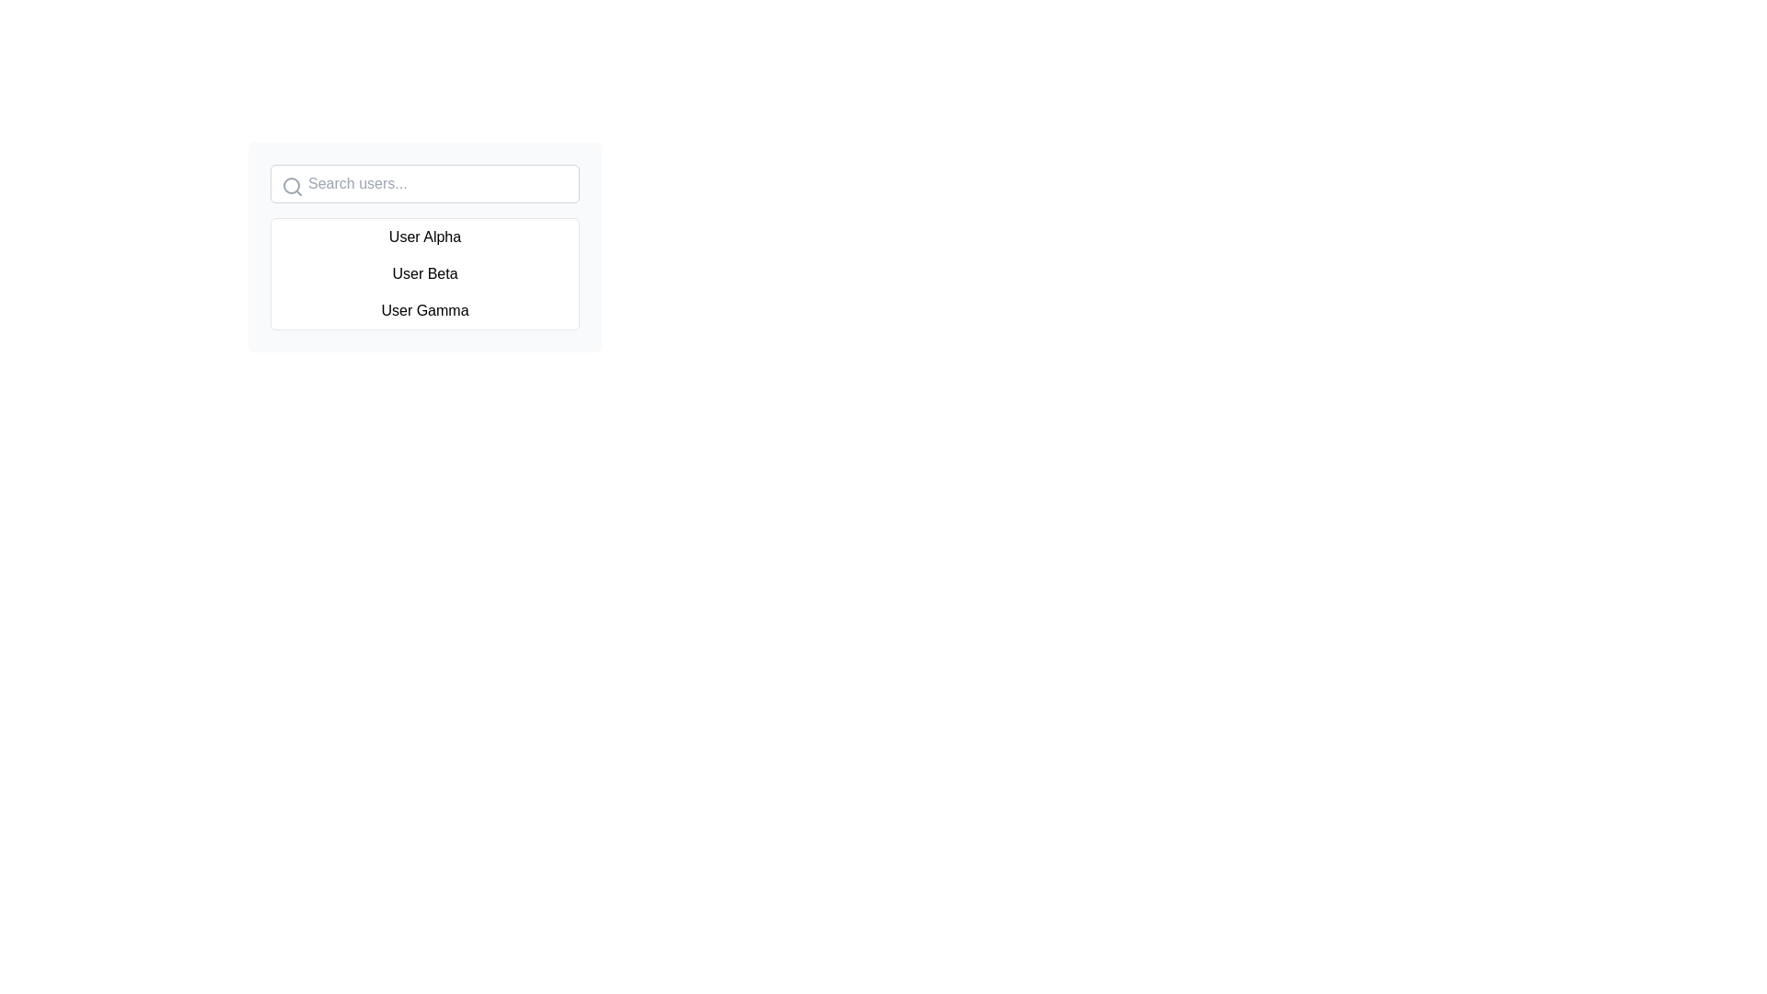  I want to click on the second selectable list item in the user options, which is positioned between 'User Alpha' and 'User Gamma', so click(423, 273).